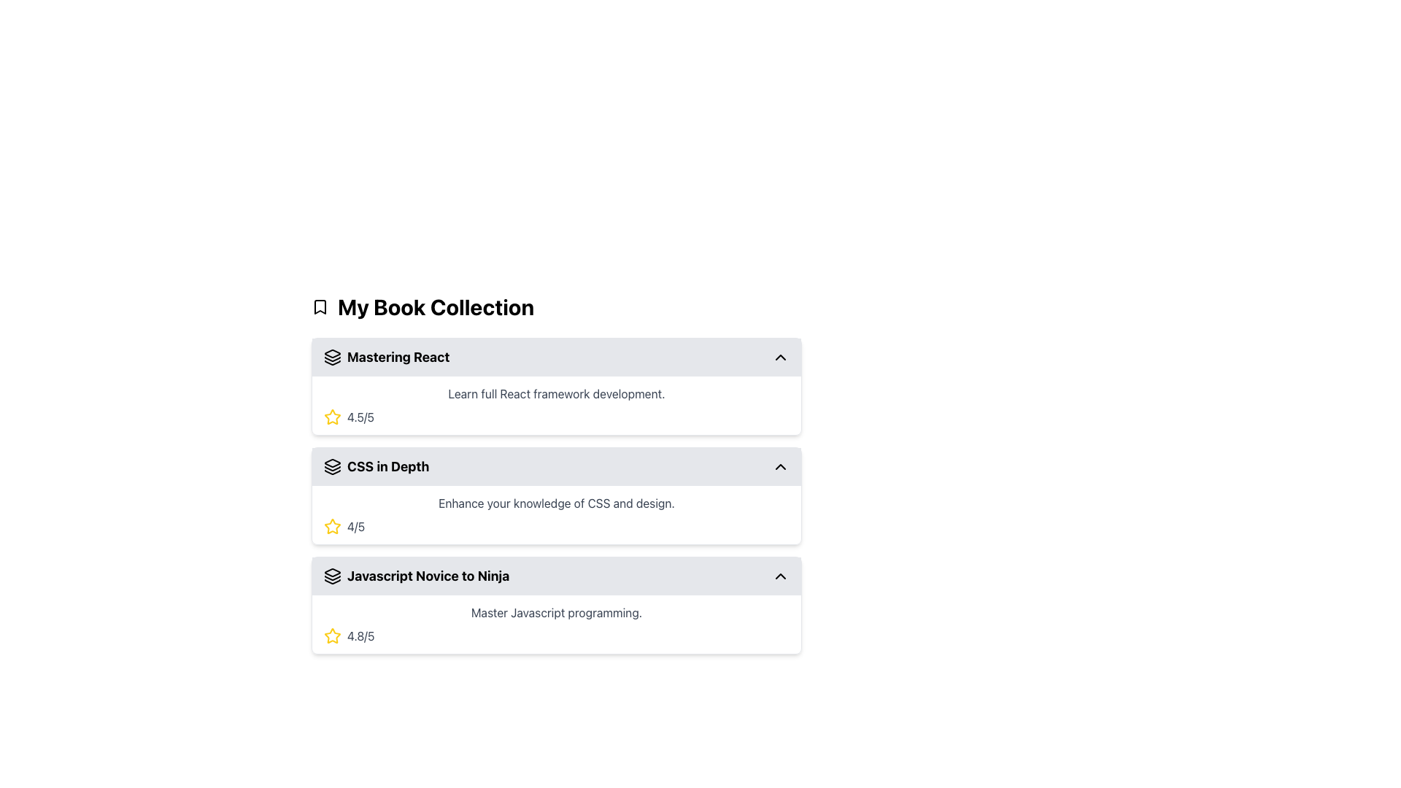  I want to click on the star icon that indicates the rating for the book 'CSS in Depth', positioned to the left of the numerical rating '4/5', so click(332, 417).